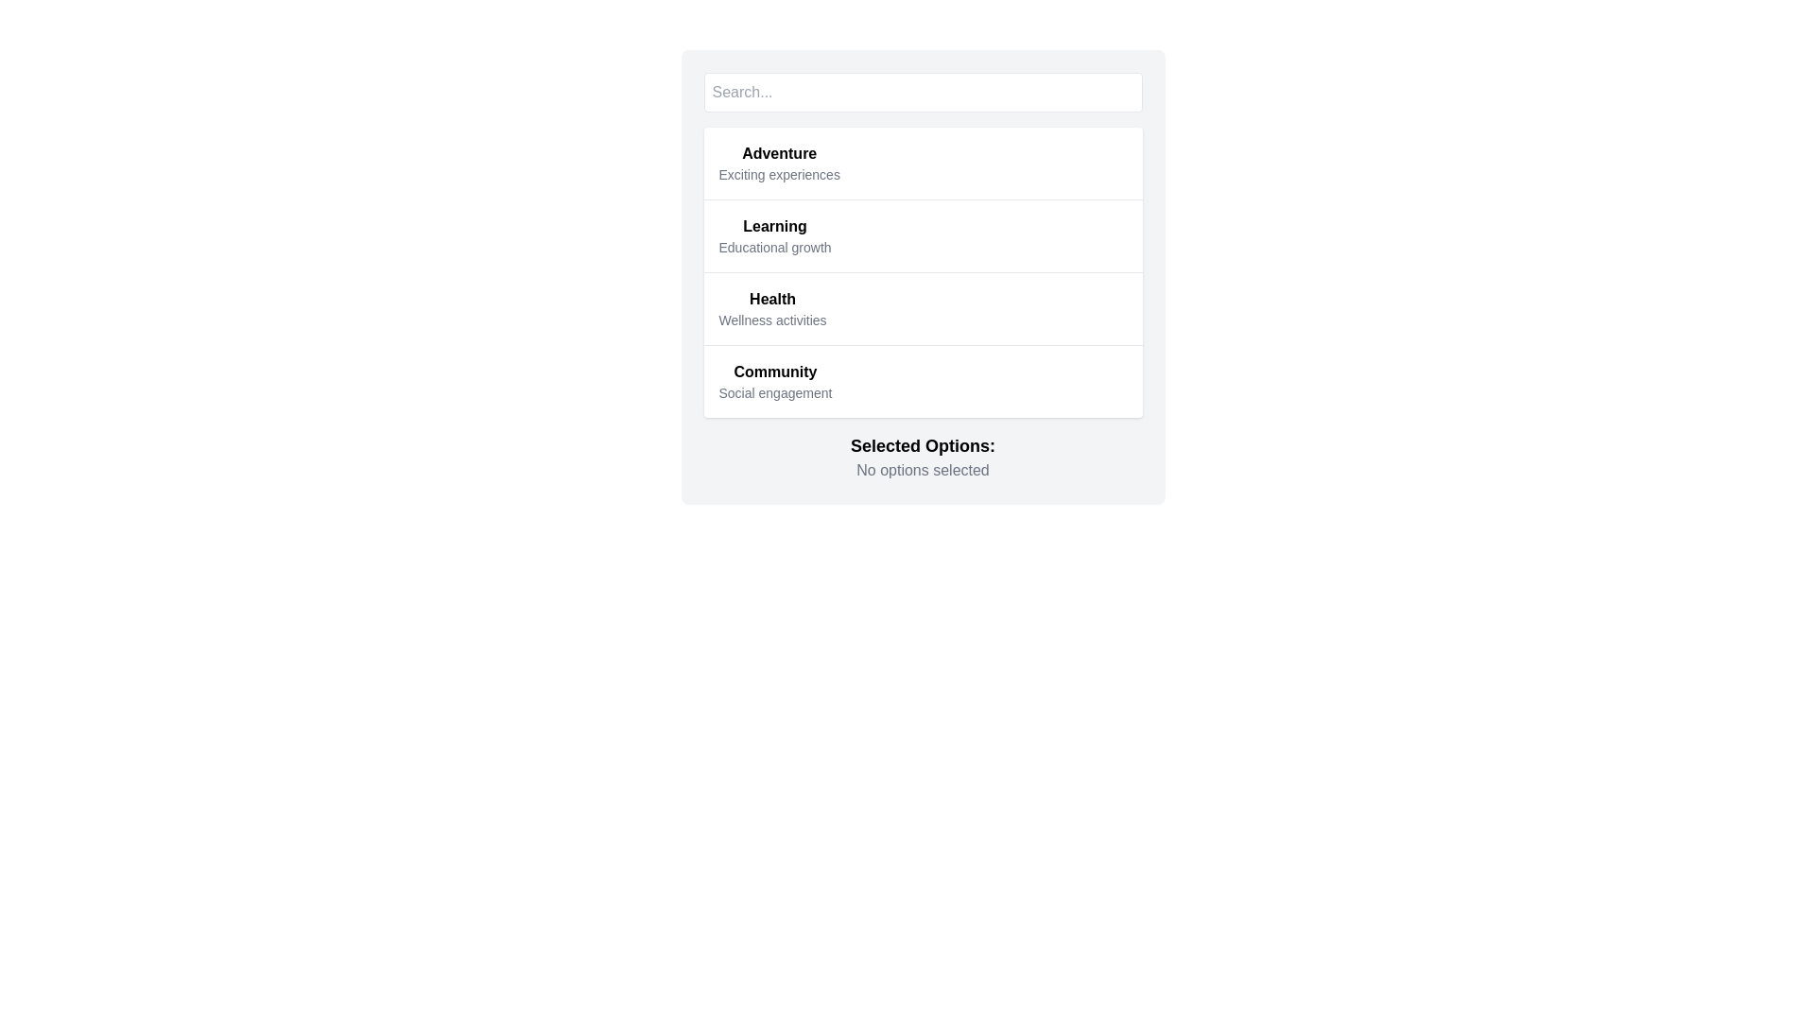 This screenshot has width=1815, height=1021. I want to click on the second selectable item in the menu under the search bar, so click(923, 234).